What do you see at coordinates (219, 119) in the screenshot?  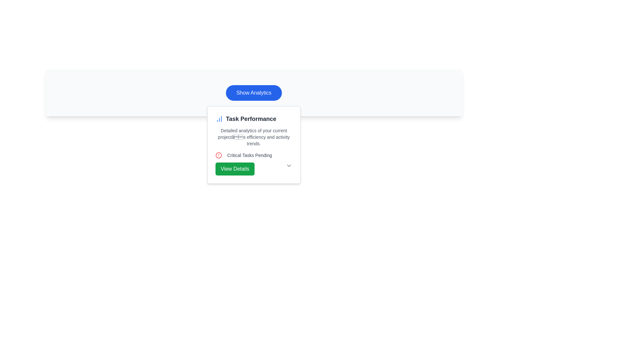 I see `the small blue bar chart icon located to the left of the text 'Task Performance' at the top of the 'Task Performance' card` at bounding box center [219, 119].